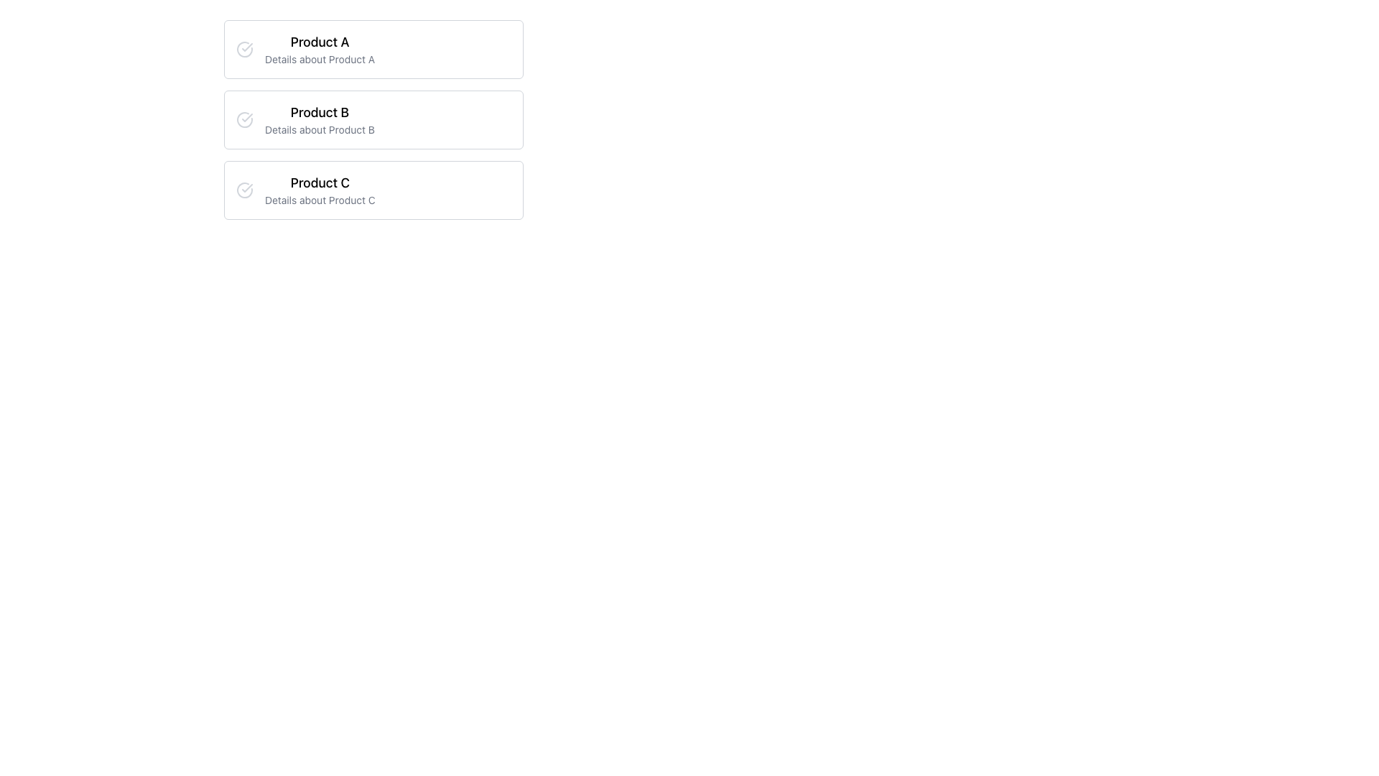 Image resolution: width=1379 pixels, height=776 pixels. I want to click on the checkmark icon that is part of the 'Product C' list item, which is a tick mark inside a circle outline, so click(247, 188).